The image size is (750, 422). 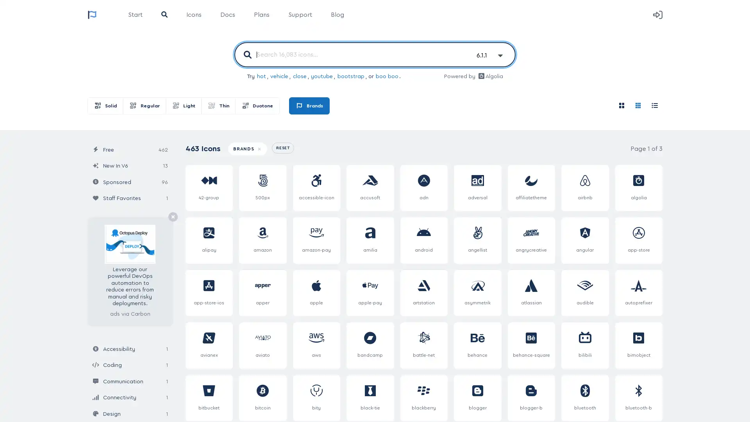 What do you see at coordinates (172, 222) in the screenshot?
I see `Remove Ad` at bounding box center [172, 222].